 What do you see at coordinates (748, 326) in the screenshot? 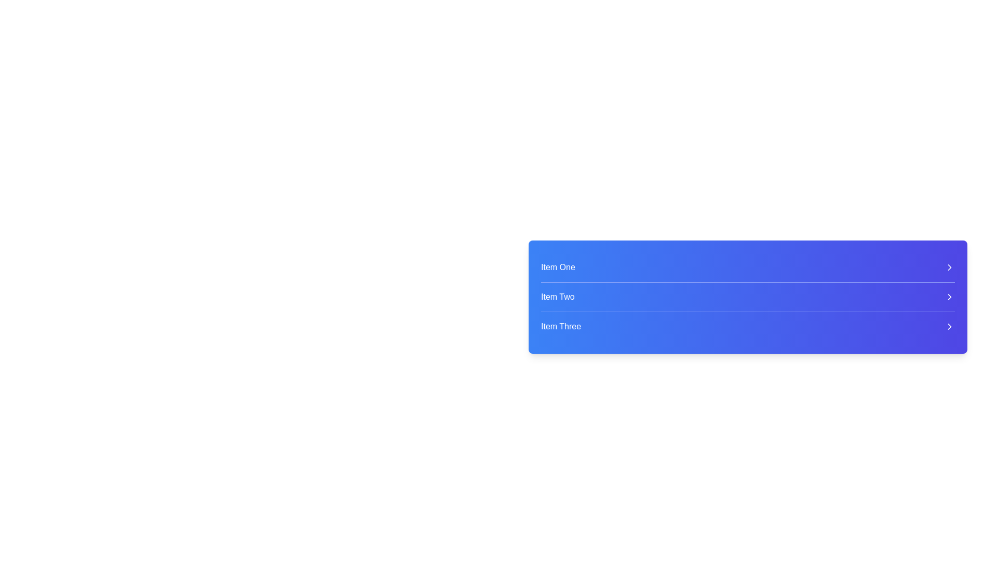
I see `the list item labeled 'Item Three'` at bounding box center [748, 326].